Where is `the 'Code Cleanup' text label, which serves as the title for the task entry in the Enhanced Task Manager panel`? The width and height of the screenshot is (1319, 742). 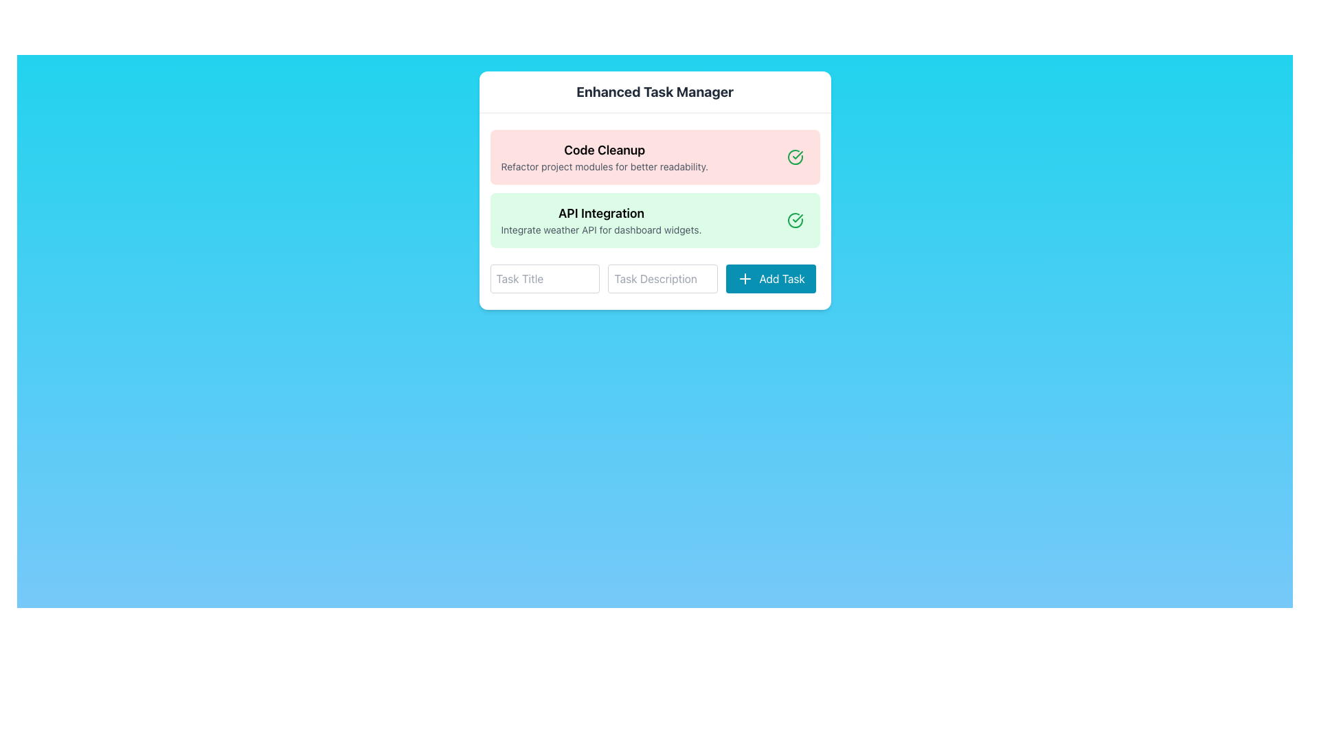 the 'Code Cleanup' text label, which serves as the title for the task entry in the Enhanced Task Manager panel is located at coordinates (605, 150).